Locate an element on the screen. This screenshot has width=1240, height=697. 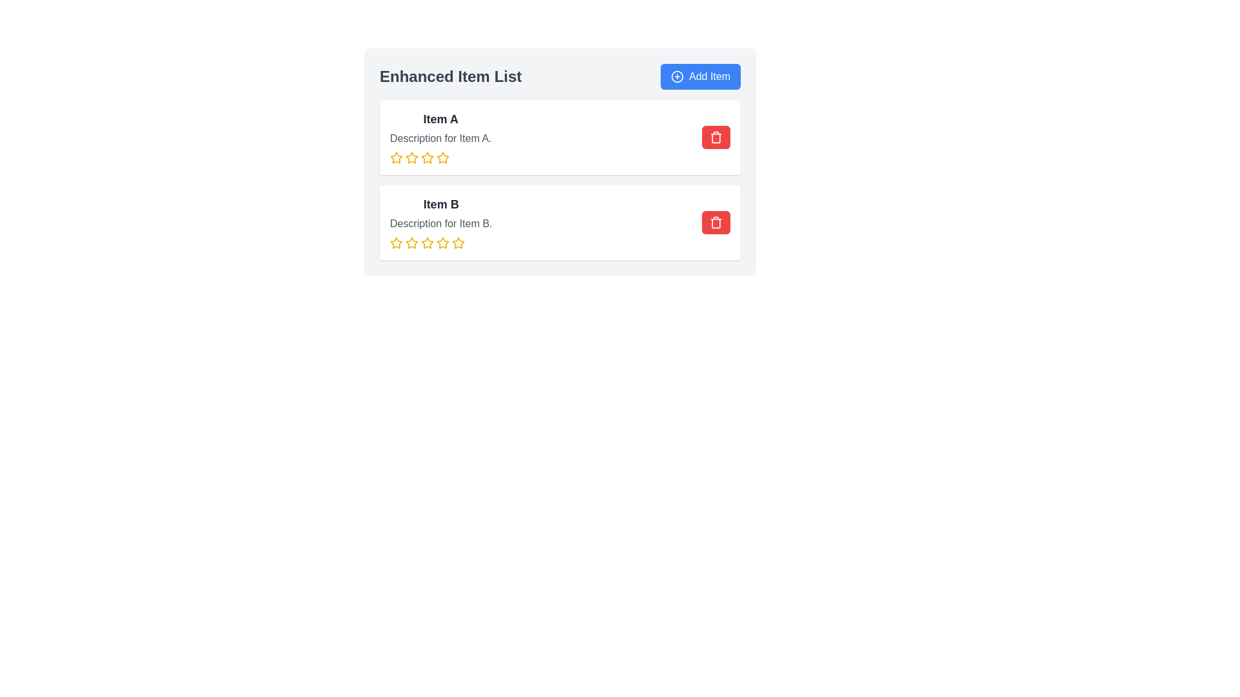
the static text element that serves as the title for 'Item B', located above its description and the rating stars is located at coordinates (441, 203).